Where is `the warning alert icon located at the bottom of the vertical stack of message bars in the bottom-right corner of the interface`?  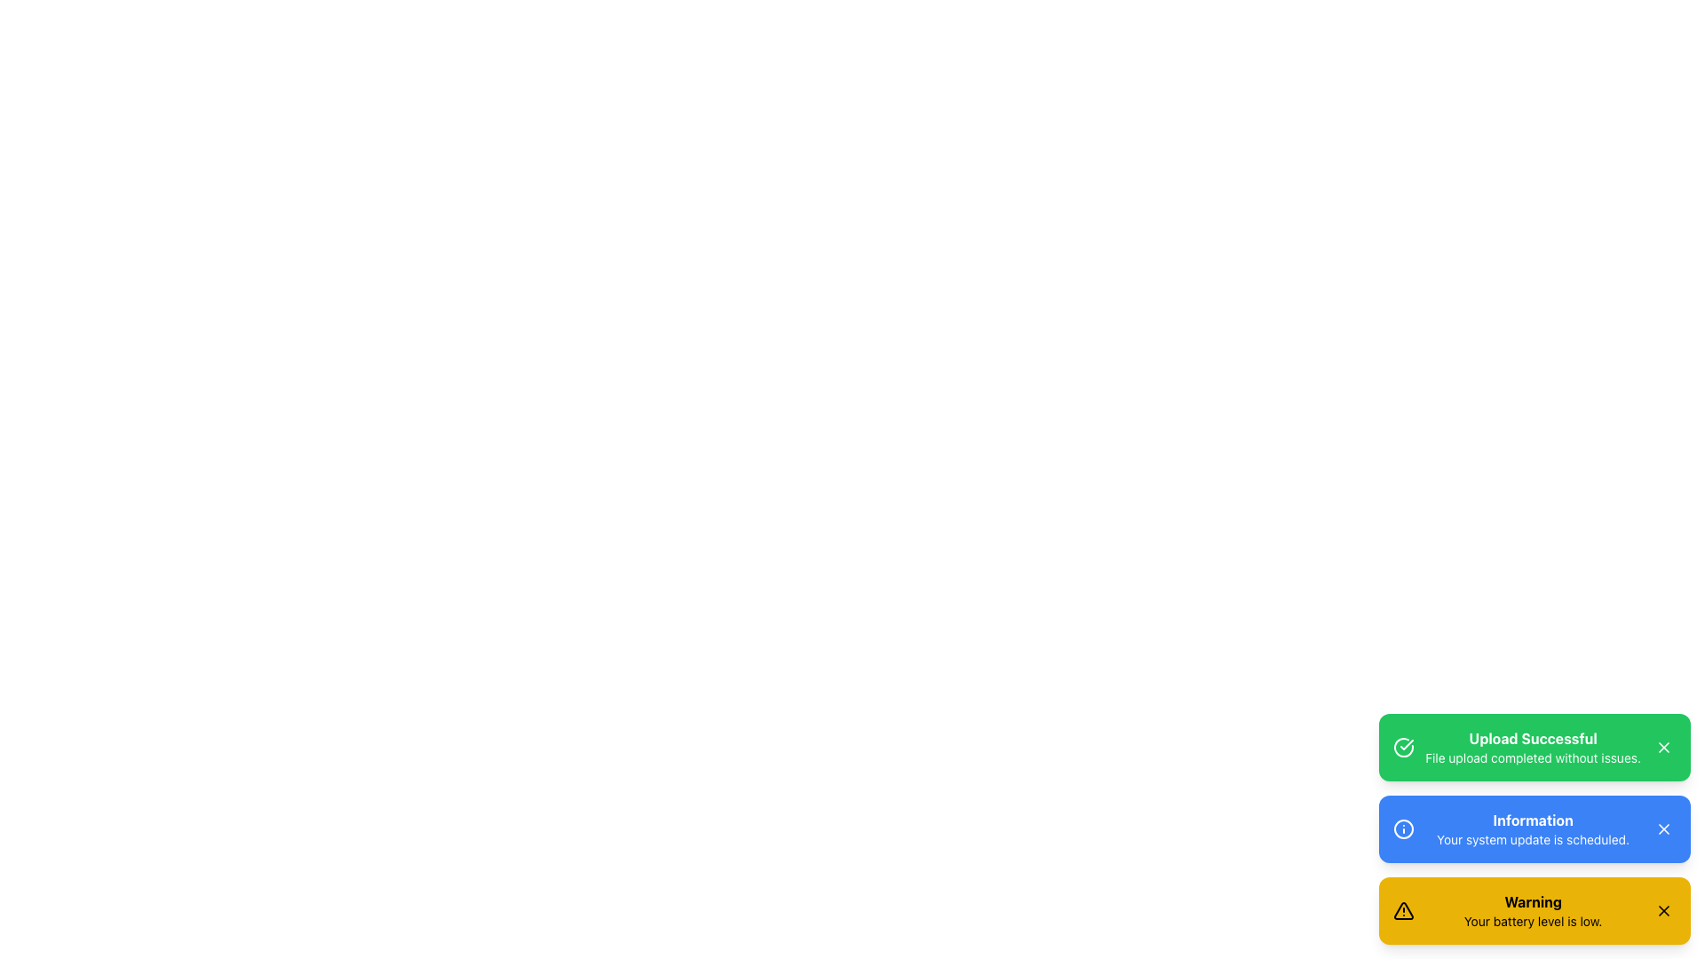
the warning alert icon located at the bottom of the vertical stack of message bars in the bottom-right corner of the interface is located at coordinates (1403, 911).